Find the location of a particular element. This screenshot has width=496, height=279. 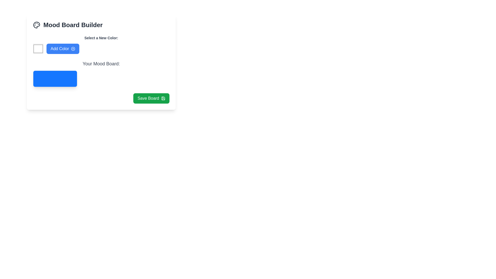

the text label styled in bold font and dark gray color that reads 'Select a New Color:', located in the top-left section of the form below the main heading 'Mood Board Builder' is located at coordinates (101, 37).